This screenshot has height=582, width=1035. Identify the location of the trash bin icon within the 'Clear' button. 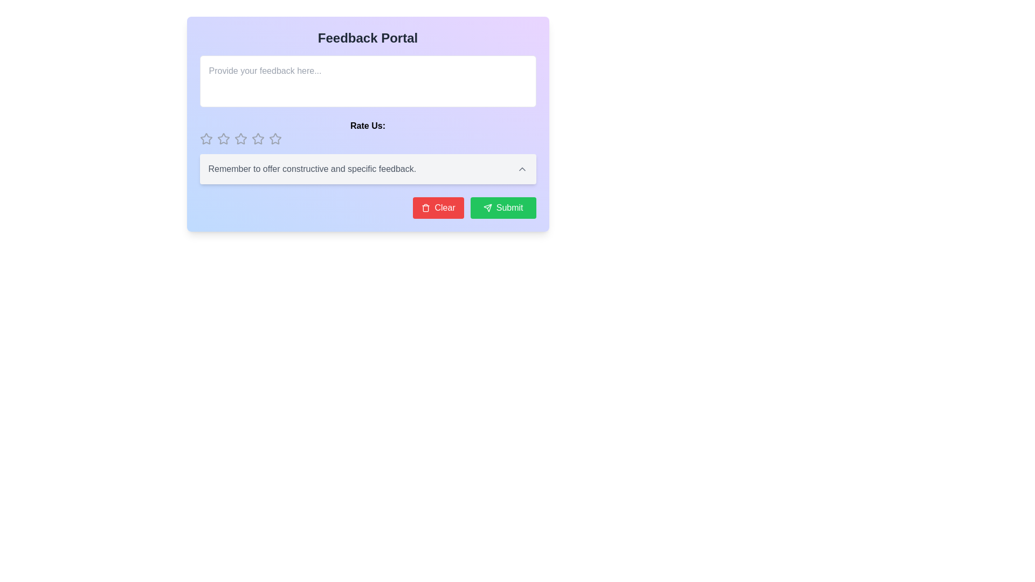
(425, 207).